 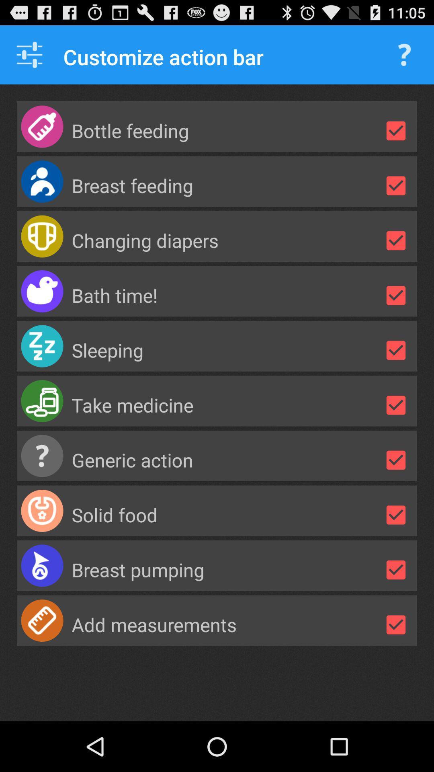 I want to click on question mark, so click(x=404, y=54).